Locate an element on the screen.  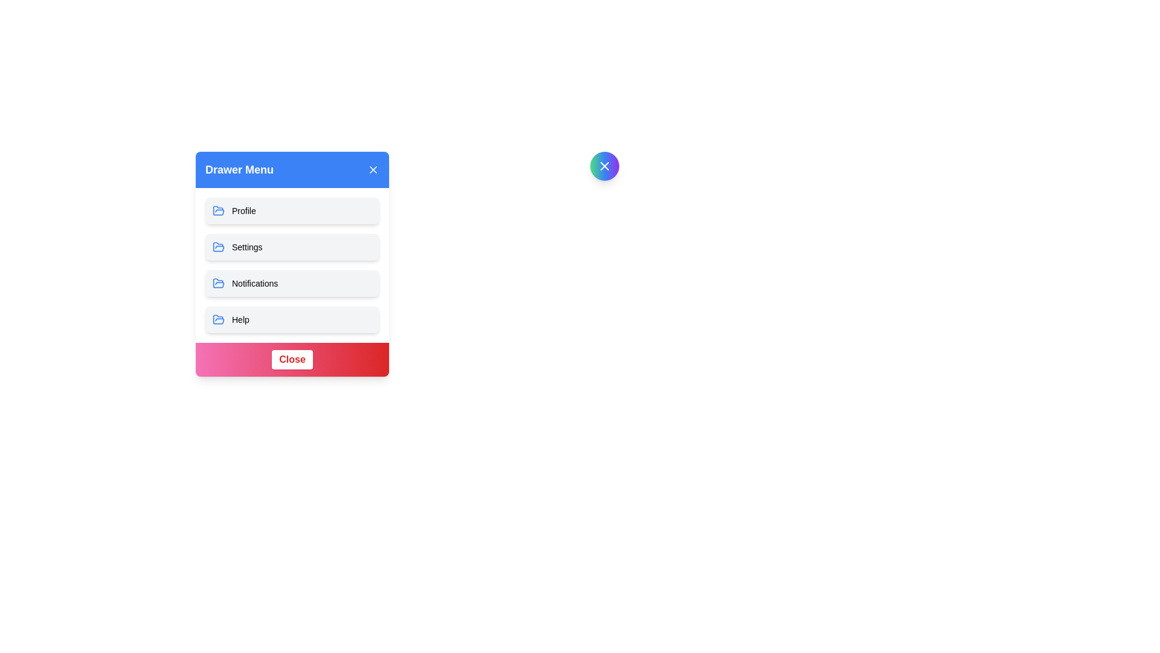
the close button located at the bottom of the drawer menu is located at coordinates (292, 359).